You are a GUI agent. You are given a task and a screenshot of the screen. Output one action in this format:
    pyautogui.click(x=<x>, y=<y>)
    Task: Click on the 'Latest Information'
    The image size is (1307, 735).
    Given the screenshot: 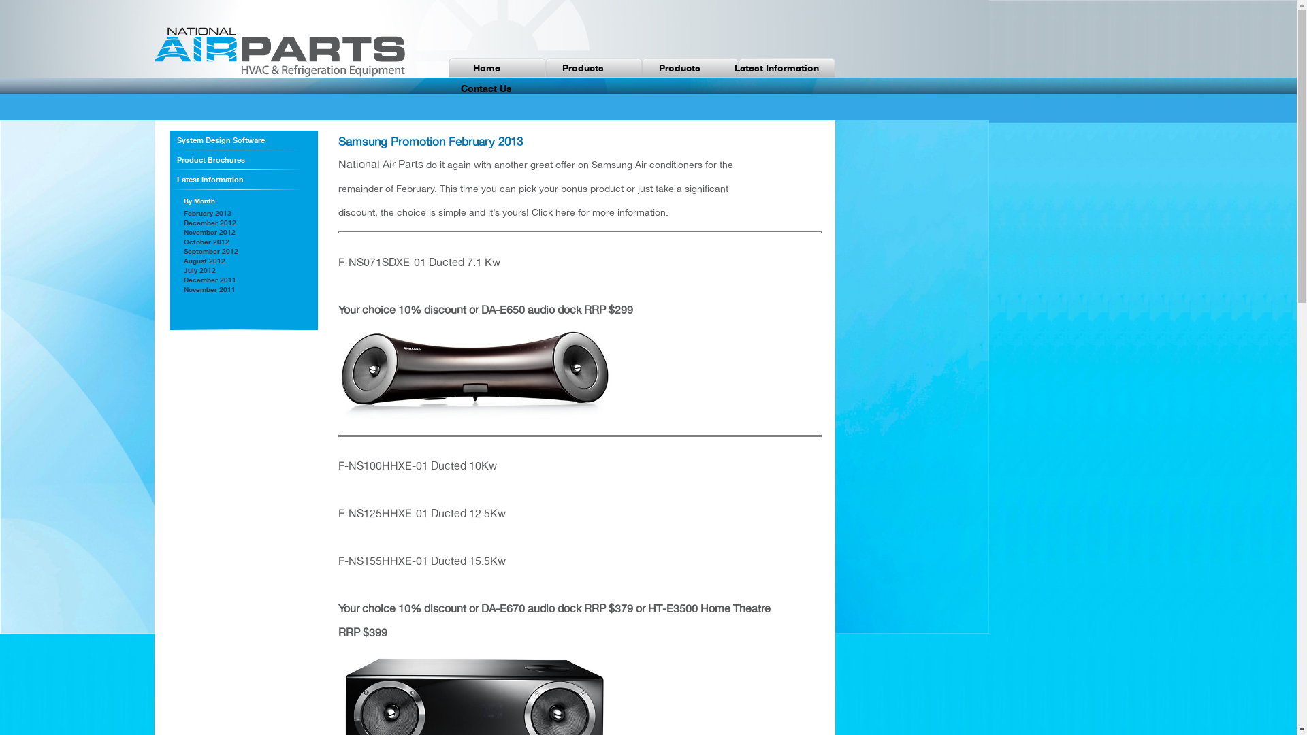 What is the action you would take?
    pyautogui.click(x=728, y=68)
    